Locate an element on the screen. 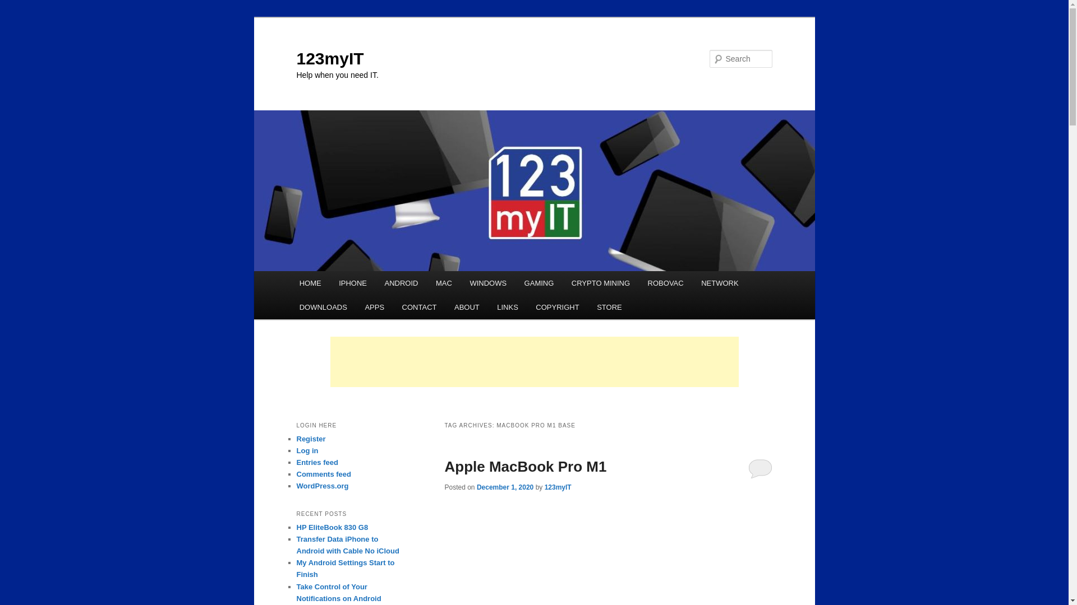 This screenshot has height=605, width=1077. 'Log in' is located at coordinates (307, 450).